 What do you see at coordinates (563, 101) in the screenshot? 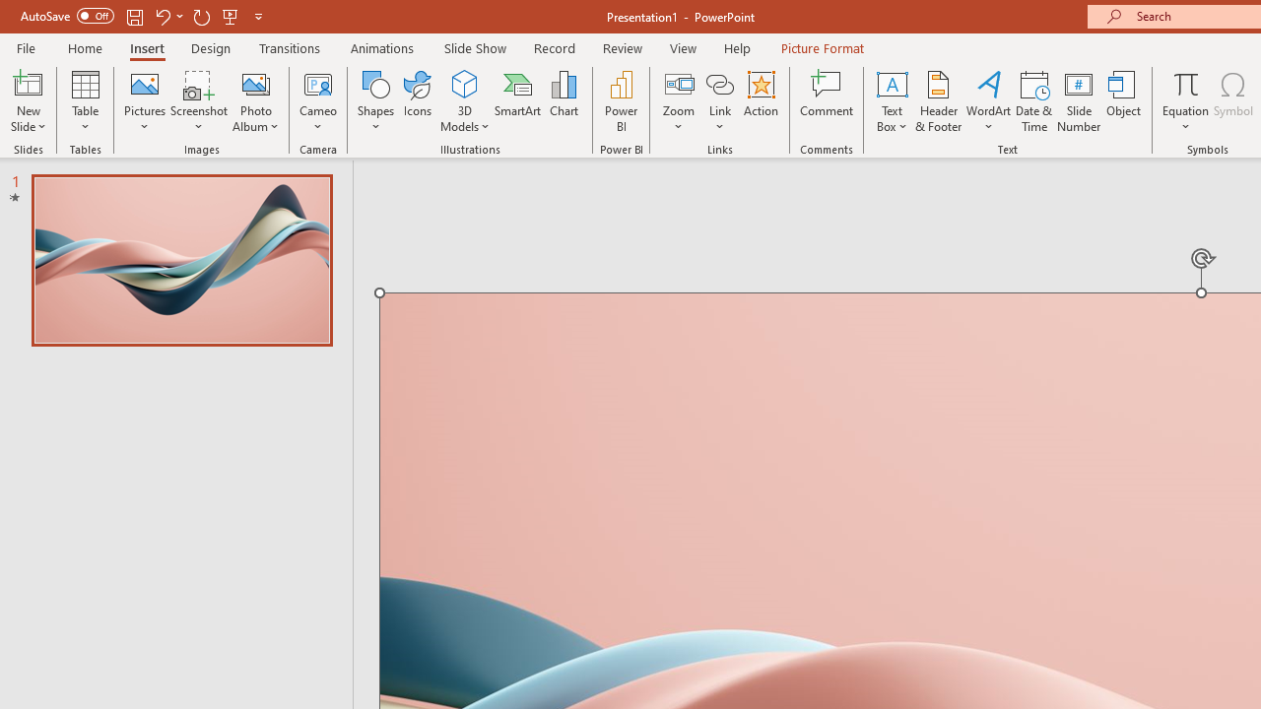
I see `'Chart...'` at bounding box center [563, 101].